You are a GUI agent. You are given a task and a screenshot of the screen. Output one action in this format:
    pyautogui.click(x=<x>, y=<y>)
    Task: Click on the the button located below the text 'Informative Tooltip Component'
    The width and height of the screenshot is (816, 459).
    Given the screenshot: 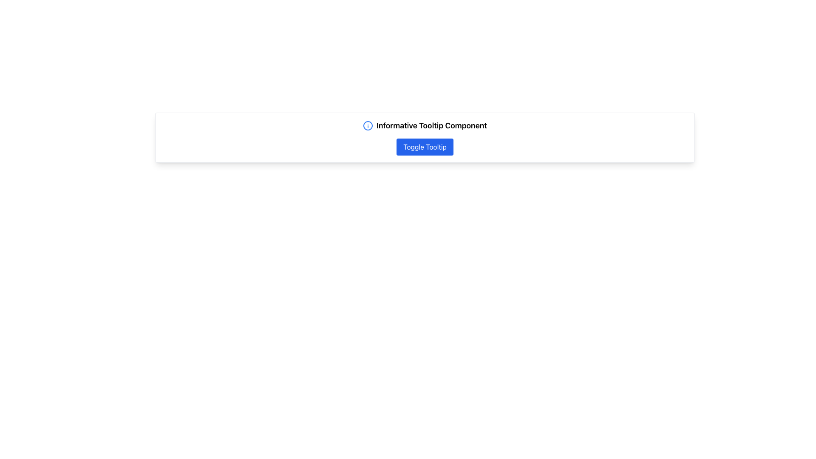 What is the action you would take?
    pyautogui.click(x=425, y=147)
    